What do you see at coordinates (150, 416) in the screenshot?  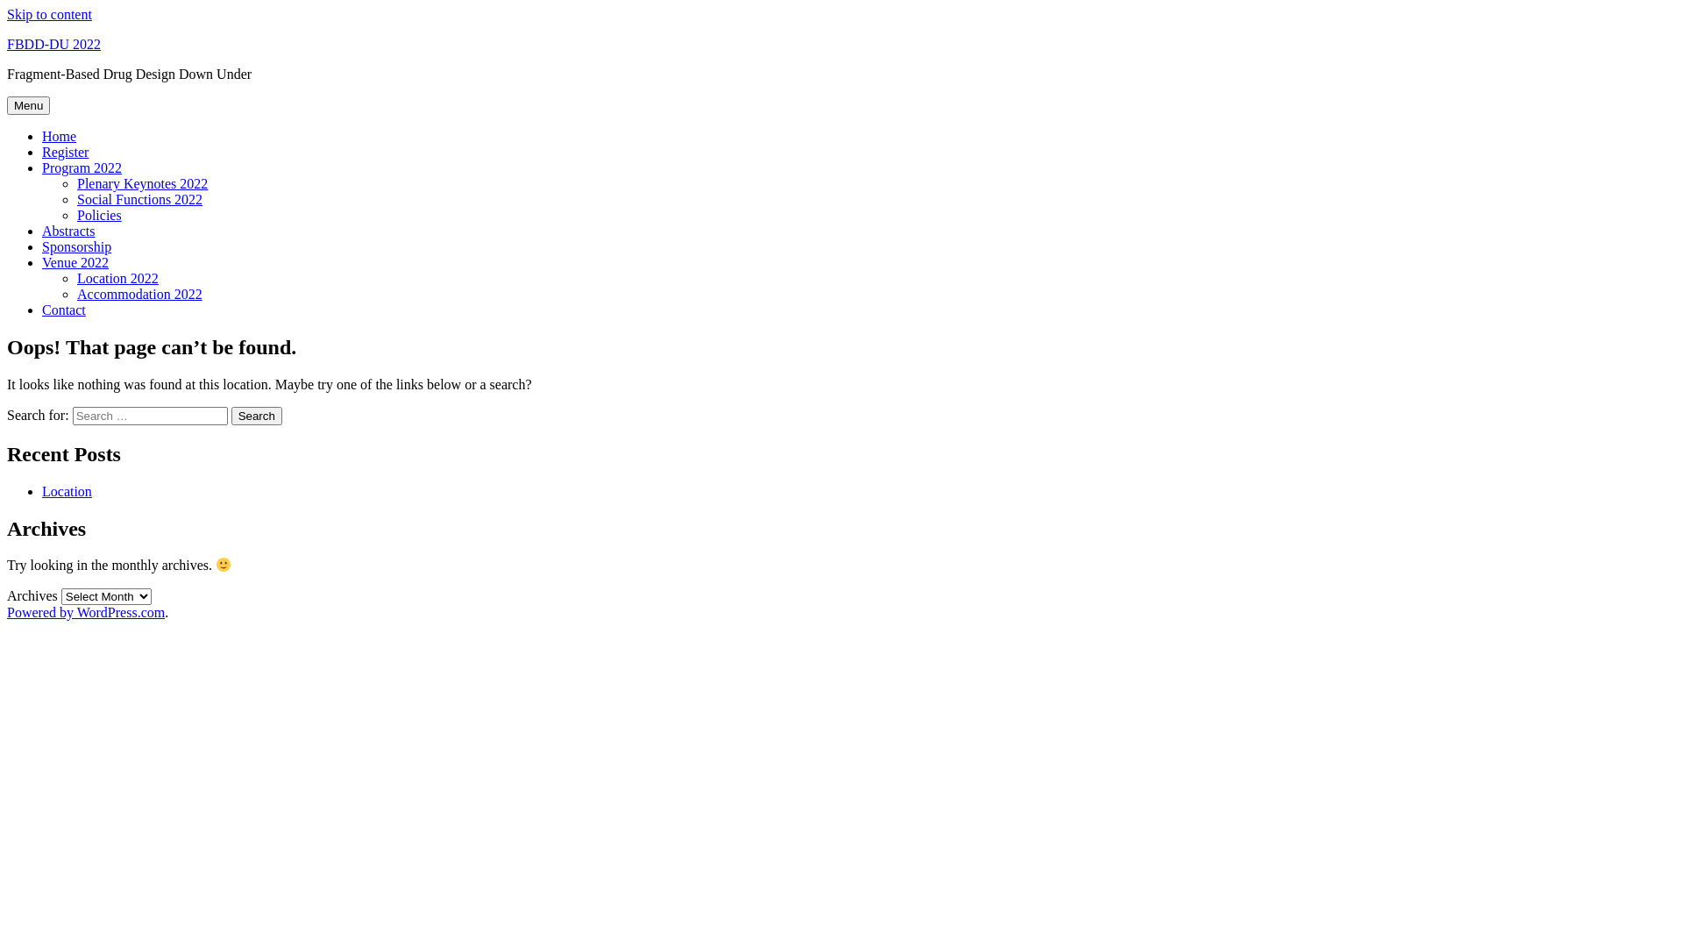 I see `'Search for:'` at bounding box center [150, 416].